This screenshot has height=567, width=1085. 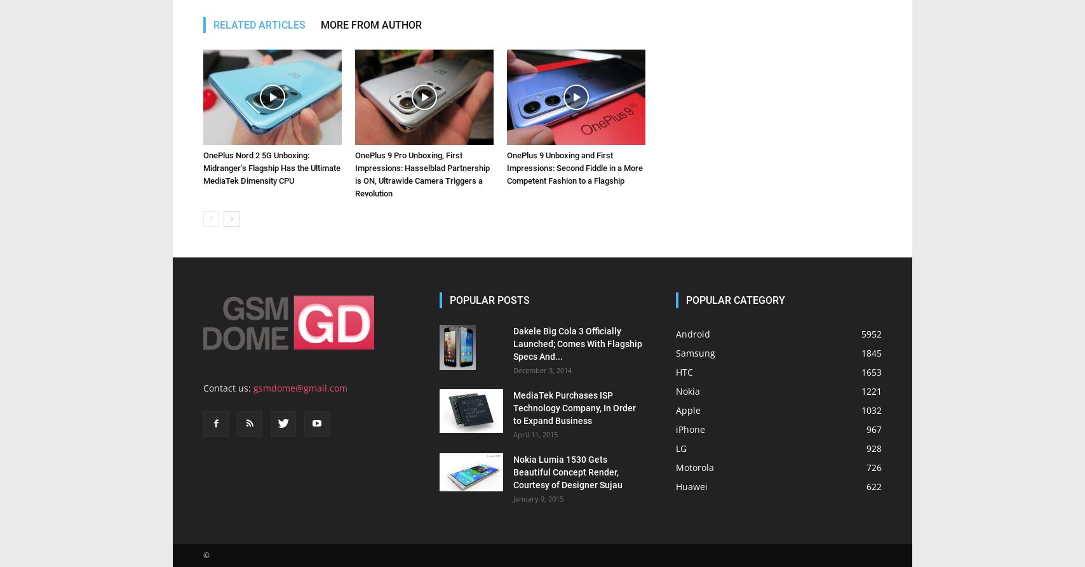 What do you see at coordinates (299, 387) in the screenshot?
I see `'gsmdome@gmail.com'` at bounding box center [299, 387].